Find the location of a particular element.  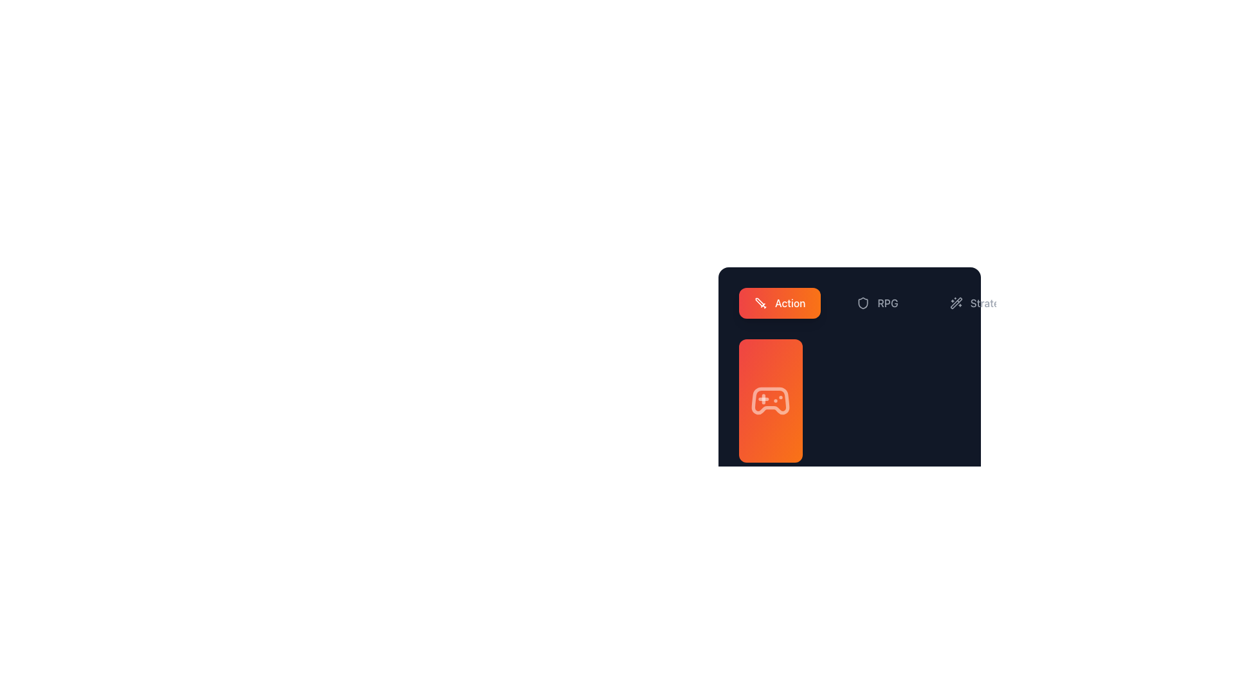

the vertically rectangular icon with a gradient background transitioning from red to orange, featuring a white outlined game controller, located beneath the 'Action' button and adjacent to 'RPG' and 'Strategy' options is located at coordinates (771, 376).